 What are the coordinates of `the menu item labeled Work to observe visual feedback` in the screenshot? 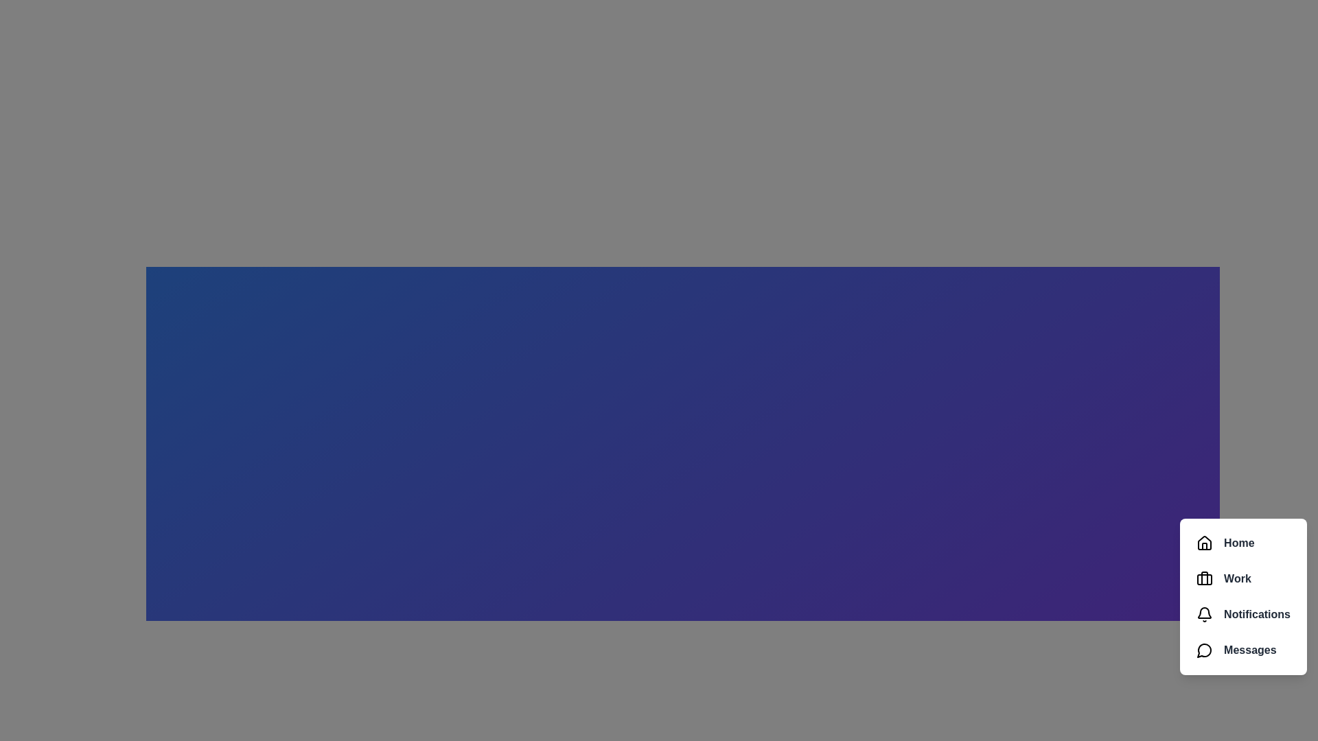 It's located at (1243, 579).